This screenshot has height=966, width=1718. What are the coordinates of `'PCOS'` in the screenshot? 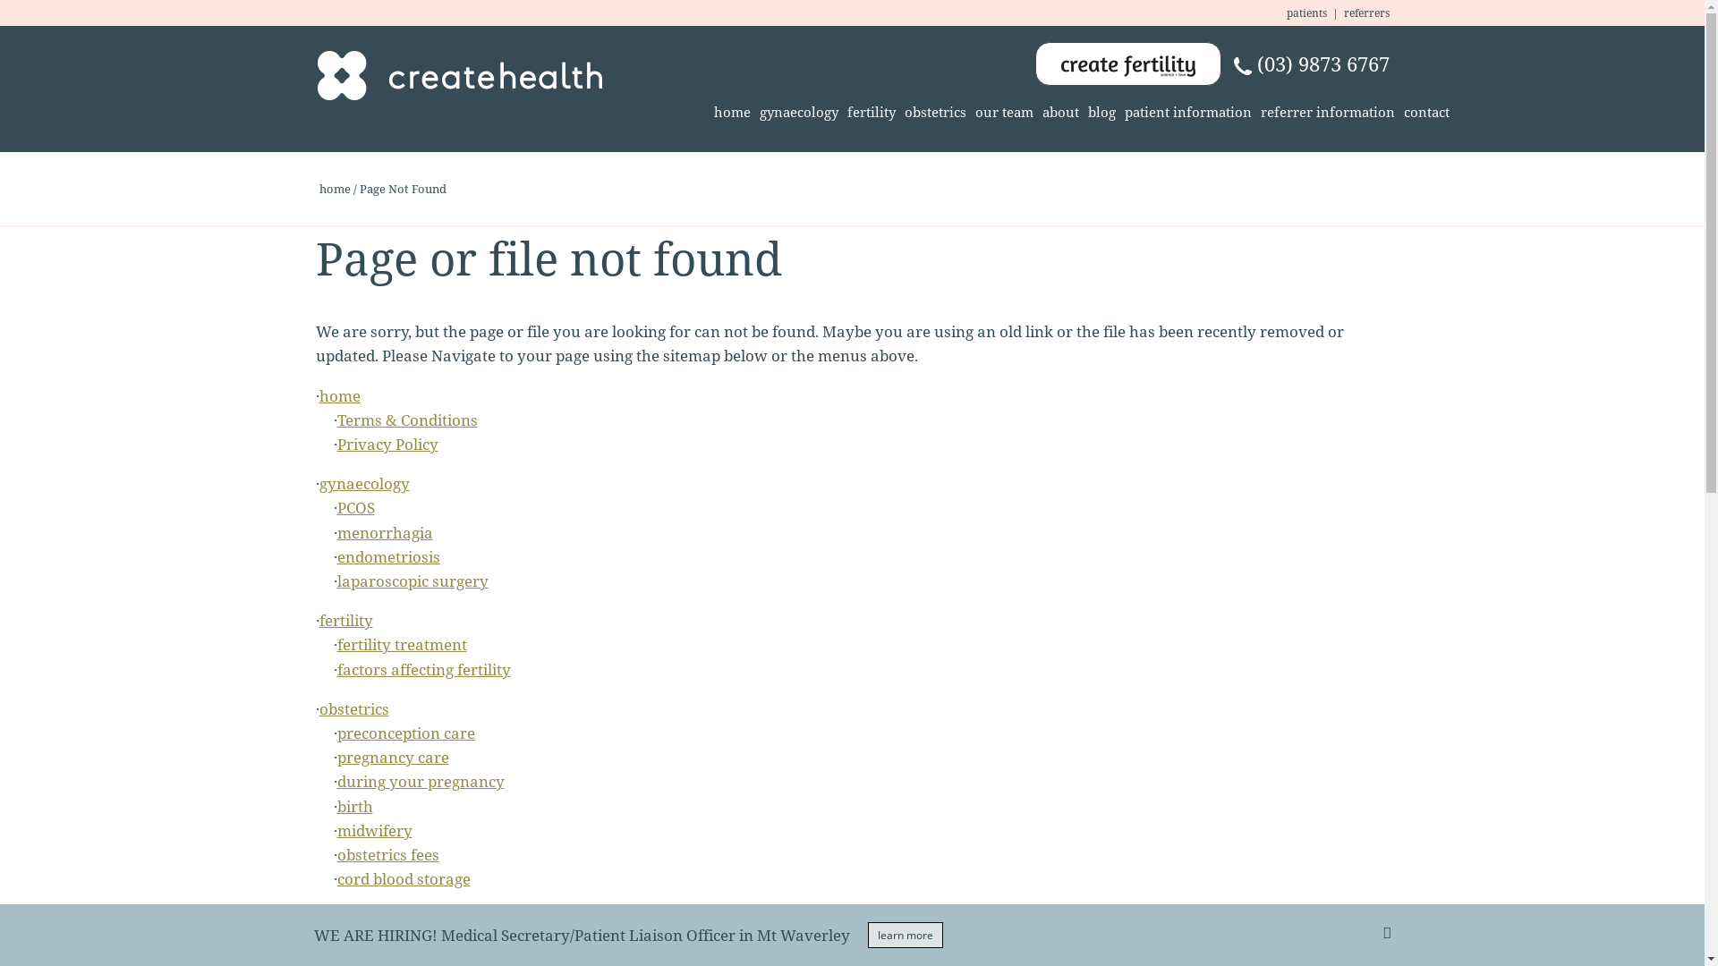 It's located at (355, 507).